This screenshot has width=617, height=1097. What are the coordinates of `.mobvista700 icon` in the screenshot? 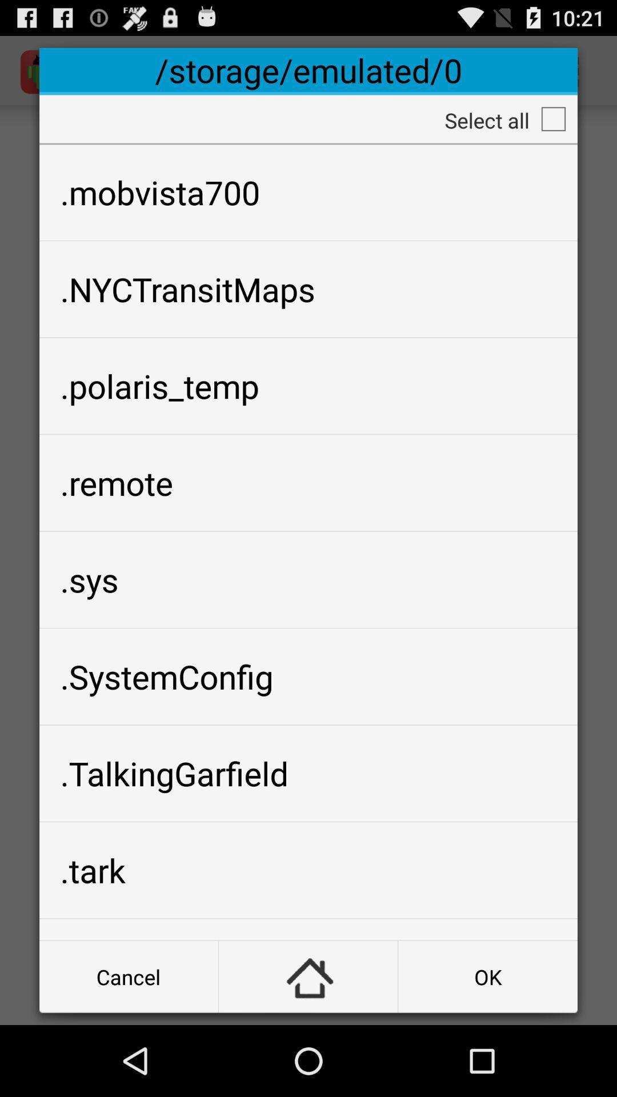 It's located at (308, 193).